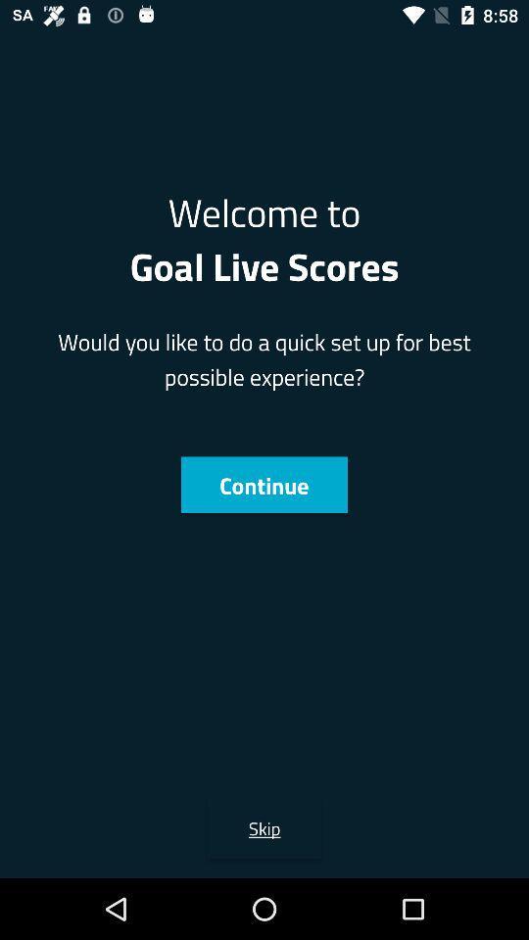 The width and height of the screenshot is (529, 940). What do you see at coordinates (264, 484) in the screenshot?
I see `continue item` at bounding box center [264, 484].